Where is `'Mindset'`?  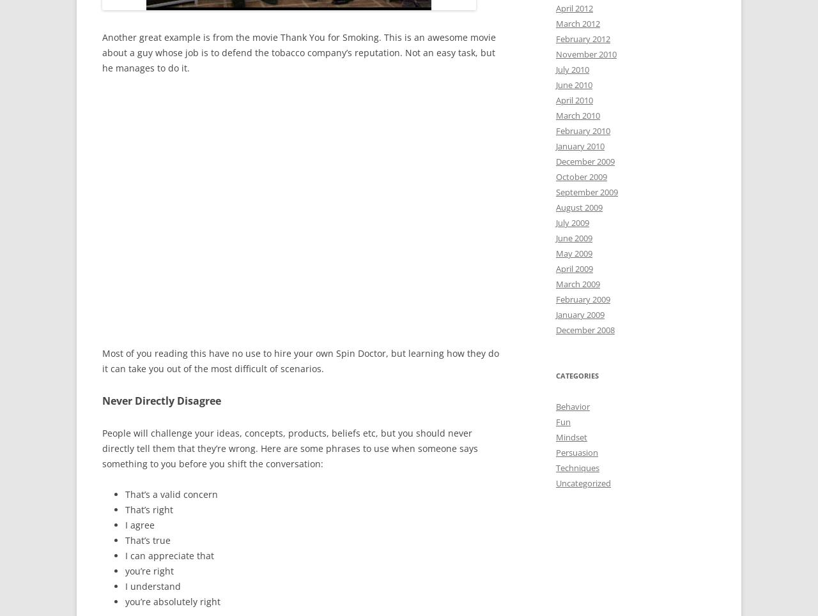 'Mindset' is located at coordinates (571, 436).